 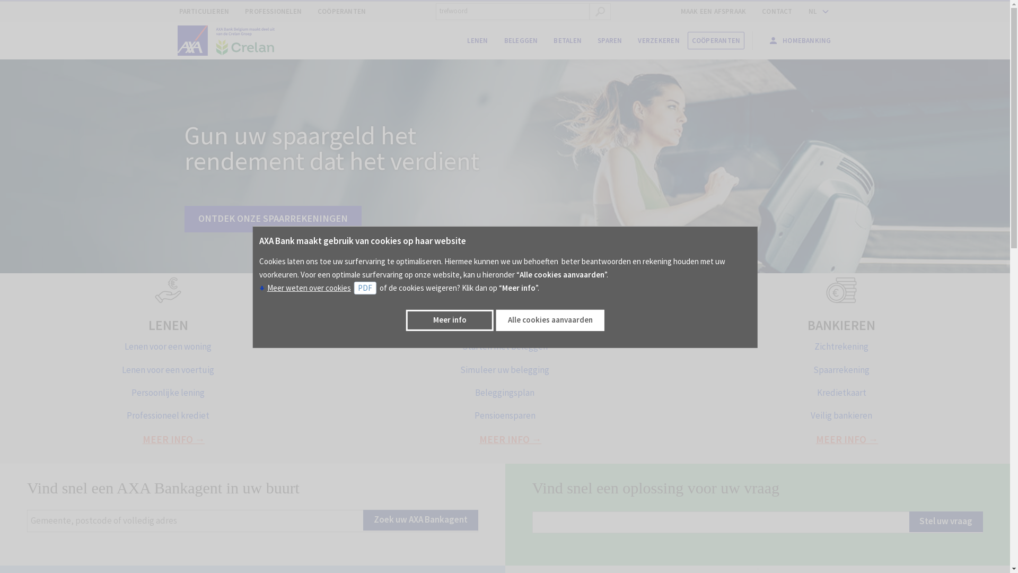 I want to click on 'Stel uw vraag', so click(x=908, y=521).